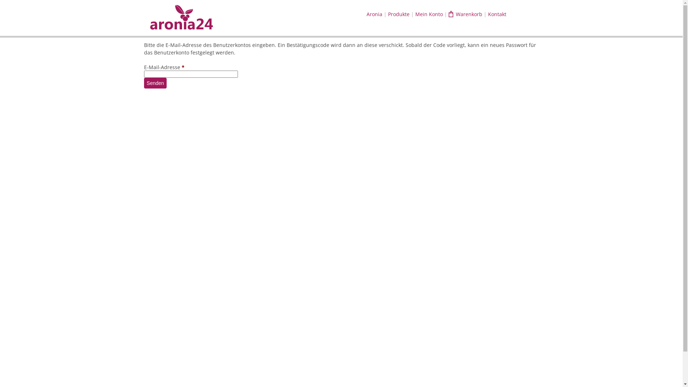  Describe the element at coordinates (154, 82) in the screenshot. I see `'Senden'` at that location.